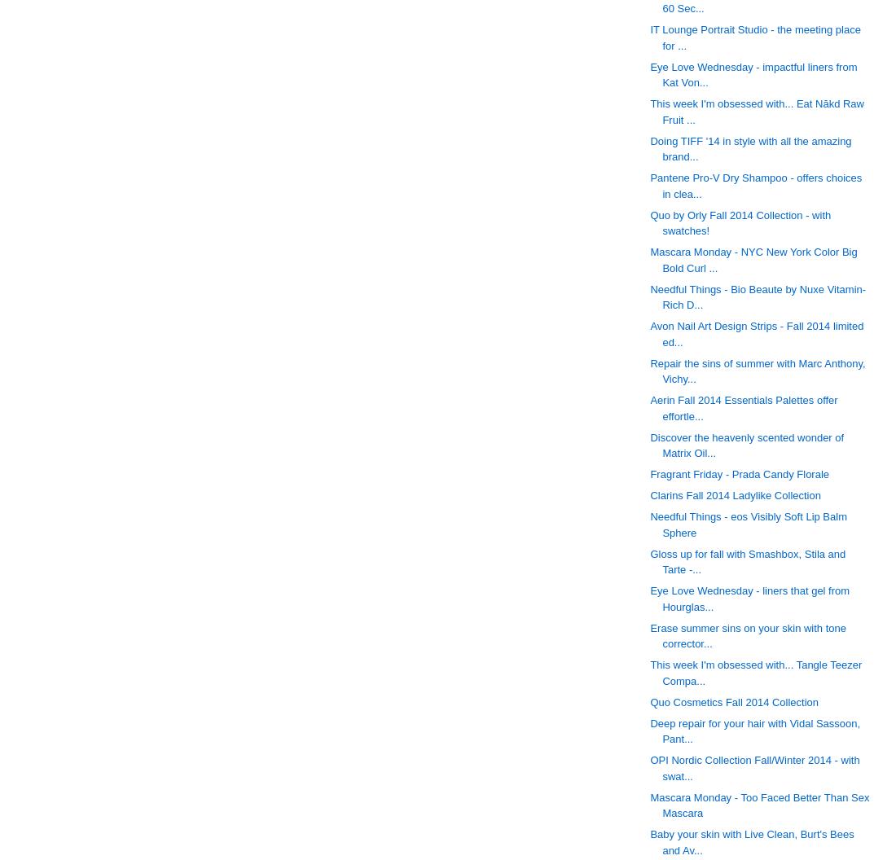 The height and width of the screenshot is (860, 896). Describe the element at coordinates (748, 634) in the screenshot. I see `'Erase summer sins on your skin with tone corrector...'` at that location.